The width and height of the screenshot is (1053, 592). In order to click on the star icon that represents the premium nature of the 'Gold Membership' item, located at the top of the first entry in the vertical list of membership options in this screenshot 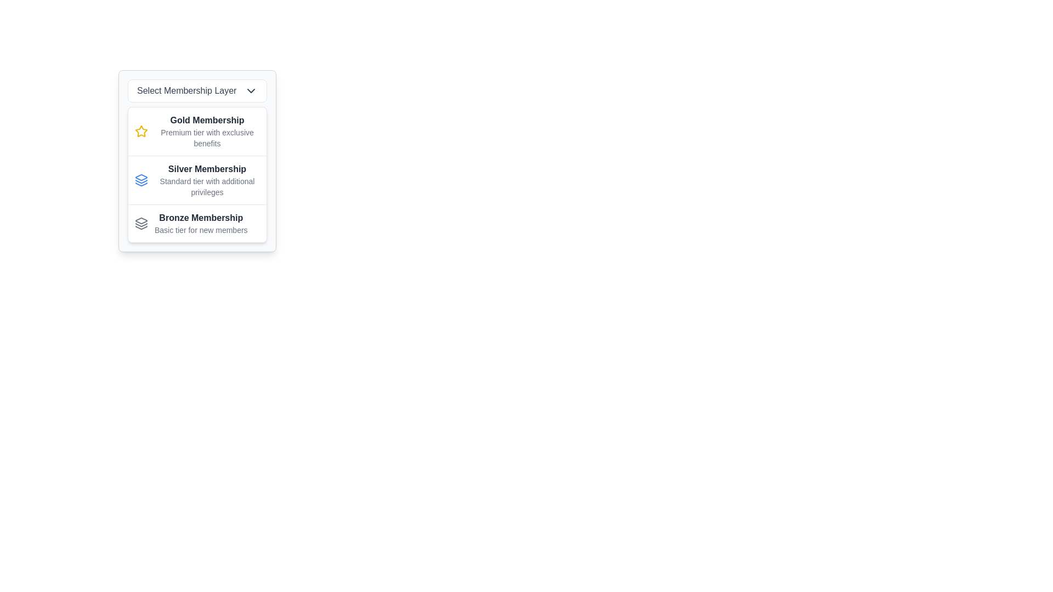, I will do `click(141, 130)`.